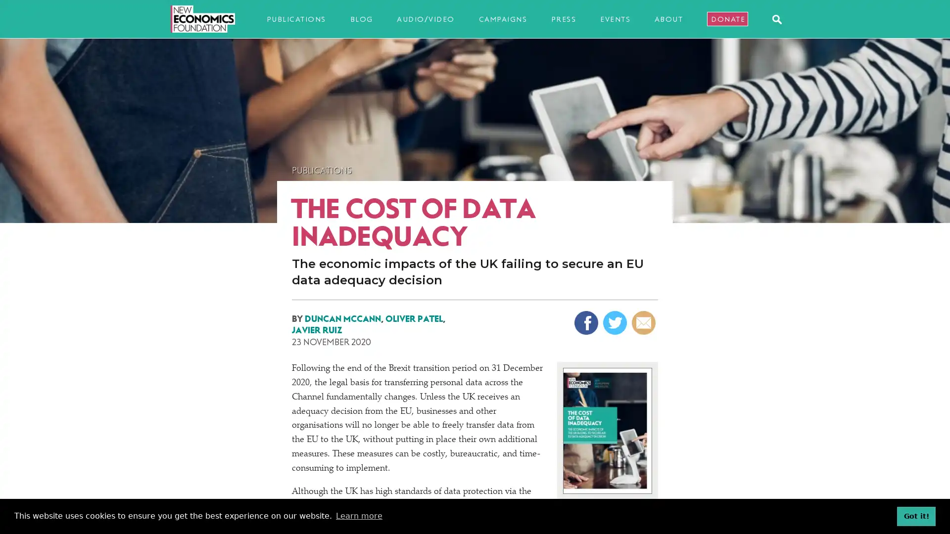  Describe the element at coordinates (358, 516) in the screenshot. I see `learn more about cookies` at that location.